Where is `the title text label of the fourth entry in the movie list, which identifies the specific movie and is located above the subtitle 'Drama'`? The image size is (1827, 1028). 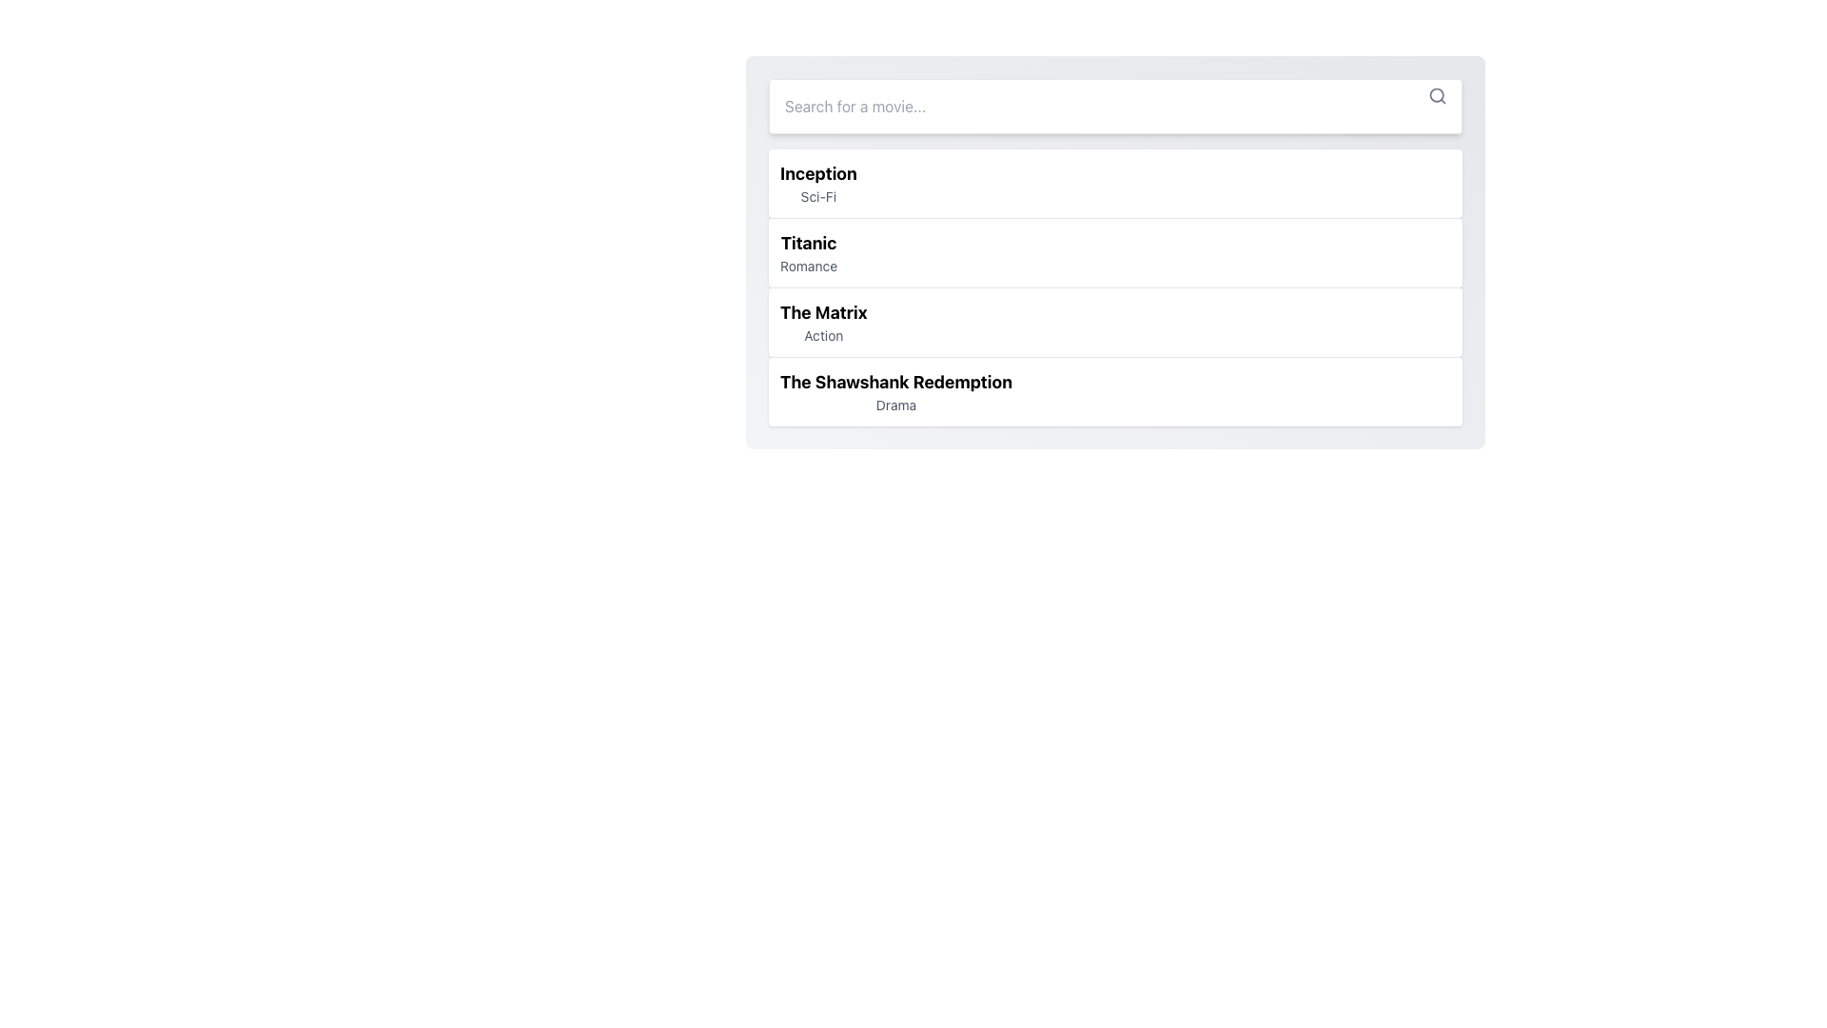 the title text label of the fourth entry in the movie list, which identifies the specific movie and is located above the subtitle 'Drama' is located at coordinates (894, 382).